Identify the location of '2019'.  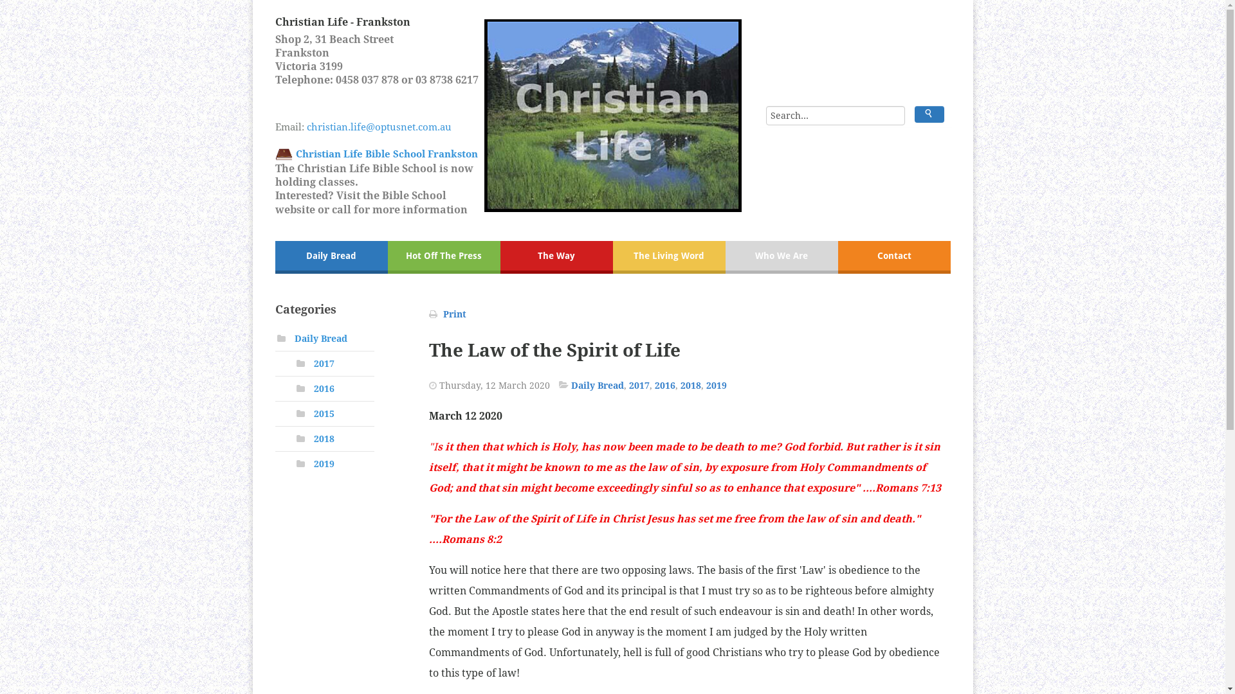
(314, 463).